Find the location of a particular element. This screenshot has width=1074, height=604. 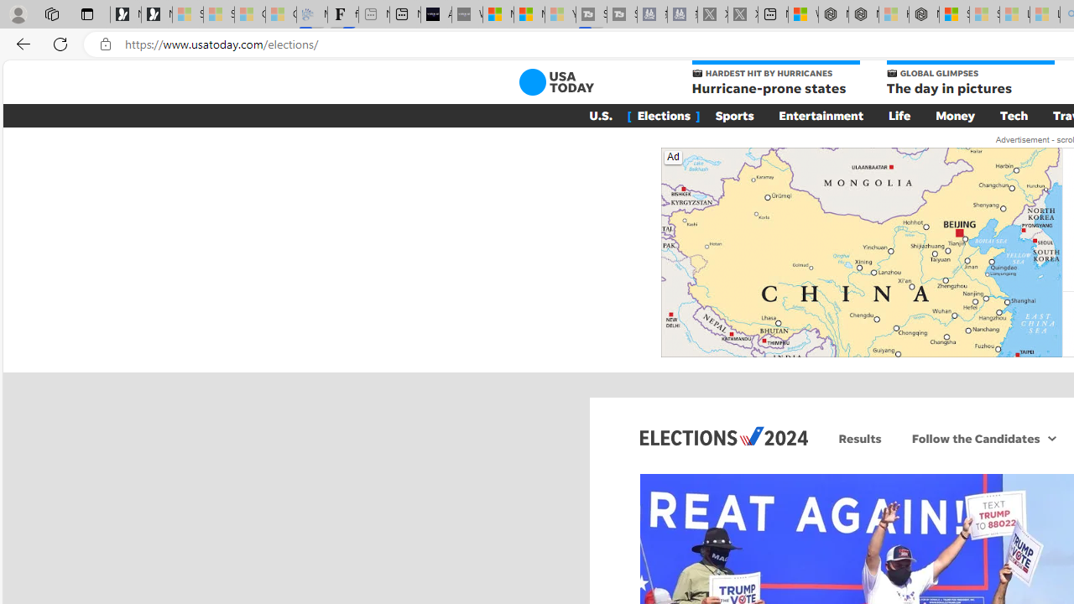

'Elections 2024' is located at coordinates (723, 435).